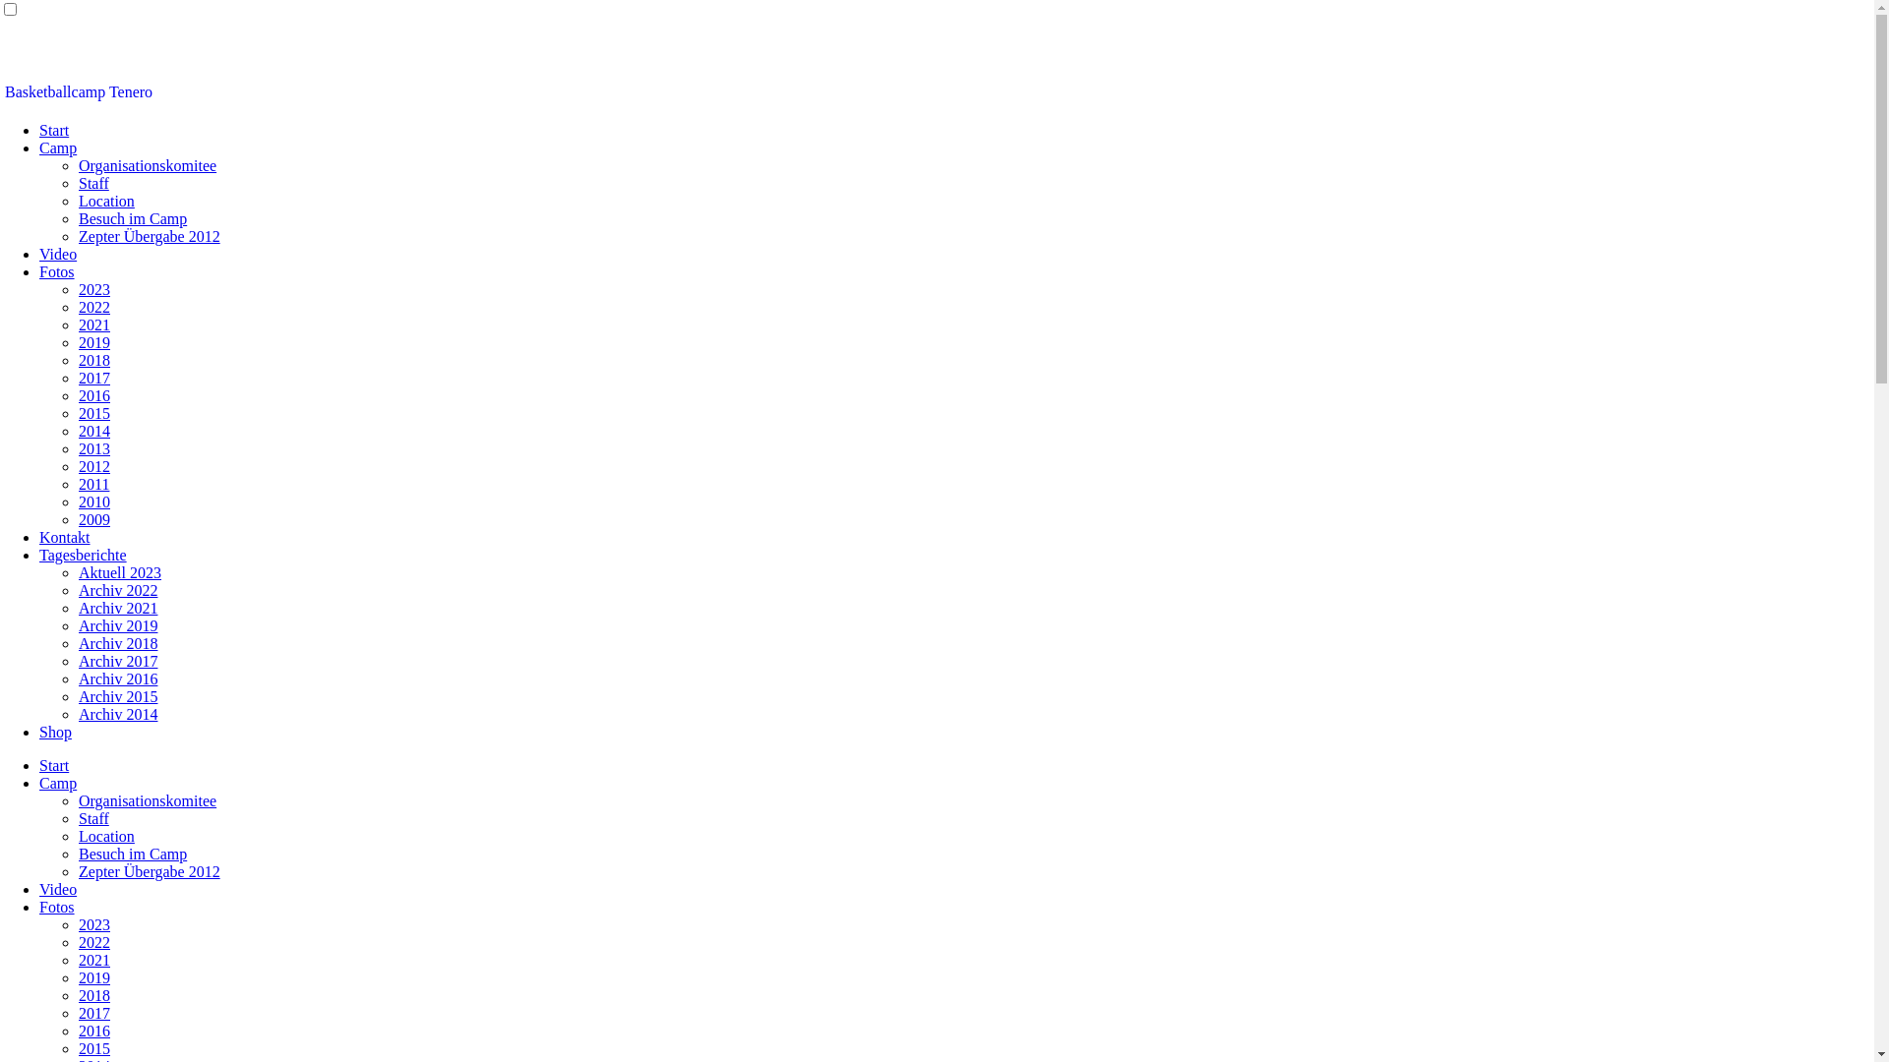  Describe the element at coordinates (38, 555) in the screenshot. I see `'Tagesberichte'` at that location.